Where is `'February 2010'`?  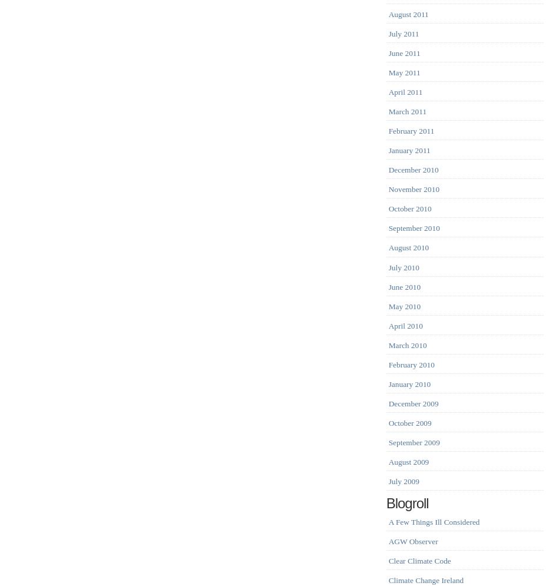
'February 2010' is located at coordinates (388, 364).